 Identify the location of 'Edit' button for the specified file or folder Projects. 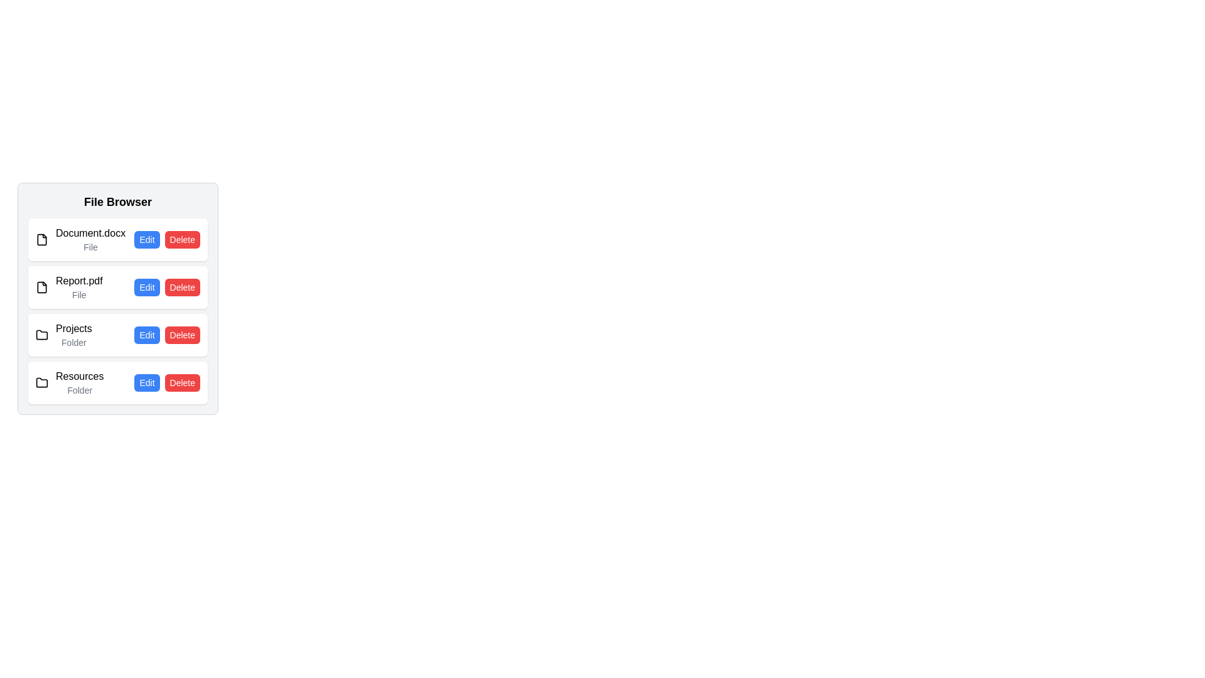
(147, 334).